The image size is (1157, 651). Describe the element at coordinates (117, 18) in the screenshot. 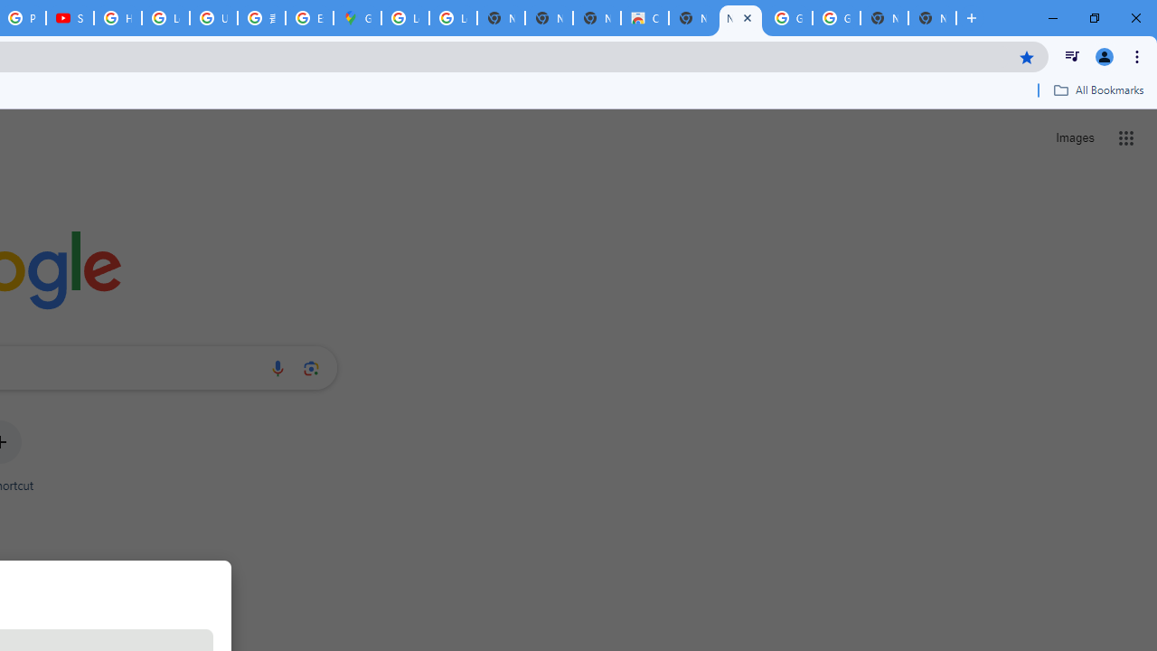

I see `'How Chrome protects your passwords - Google Chrome Help'` at that location.